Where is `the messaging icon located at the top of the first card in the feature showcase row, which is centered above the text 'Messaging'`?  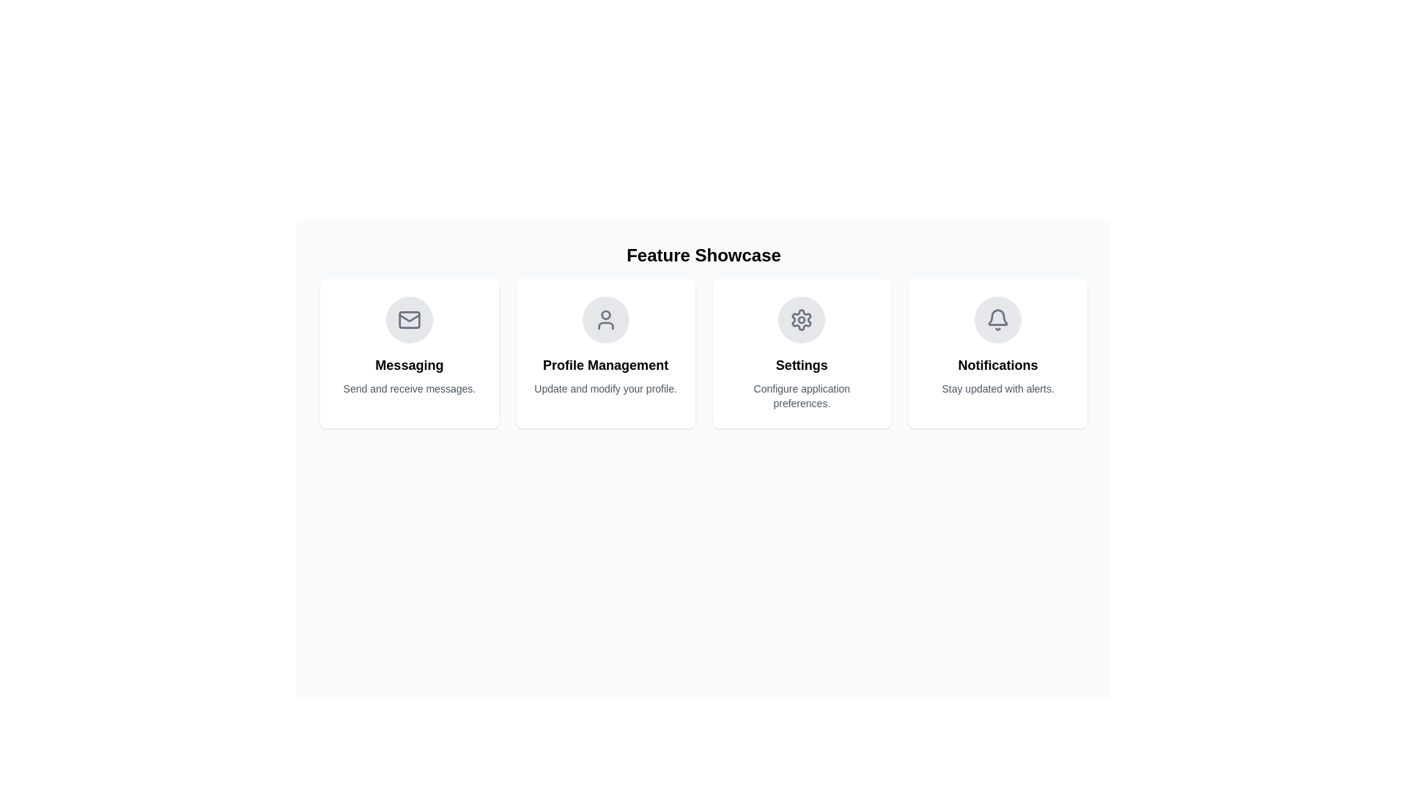 the messaging icon located at the top of the first card in the feature showcase row, which is centered above the text 'Messaging' is located at coordinates (409, 319).